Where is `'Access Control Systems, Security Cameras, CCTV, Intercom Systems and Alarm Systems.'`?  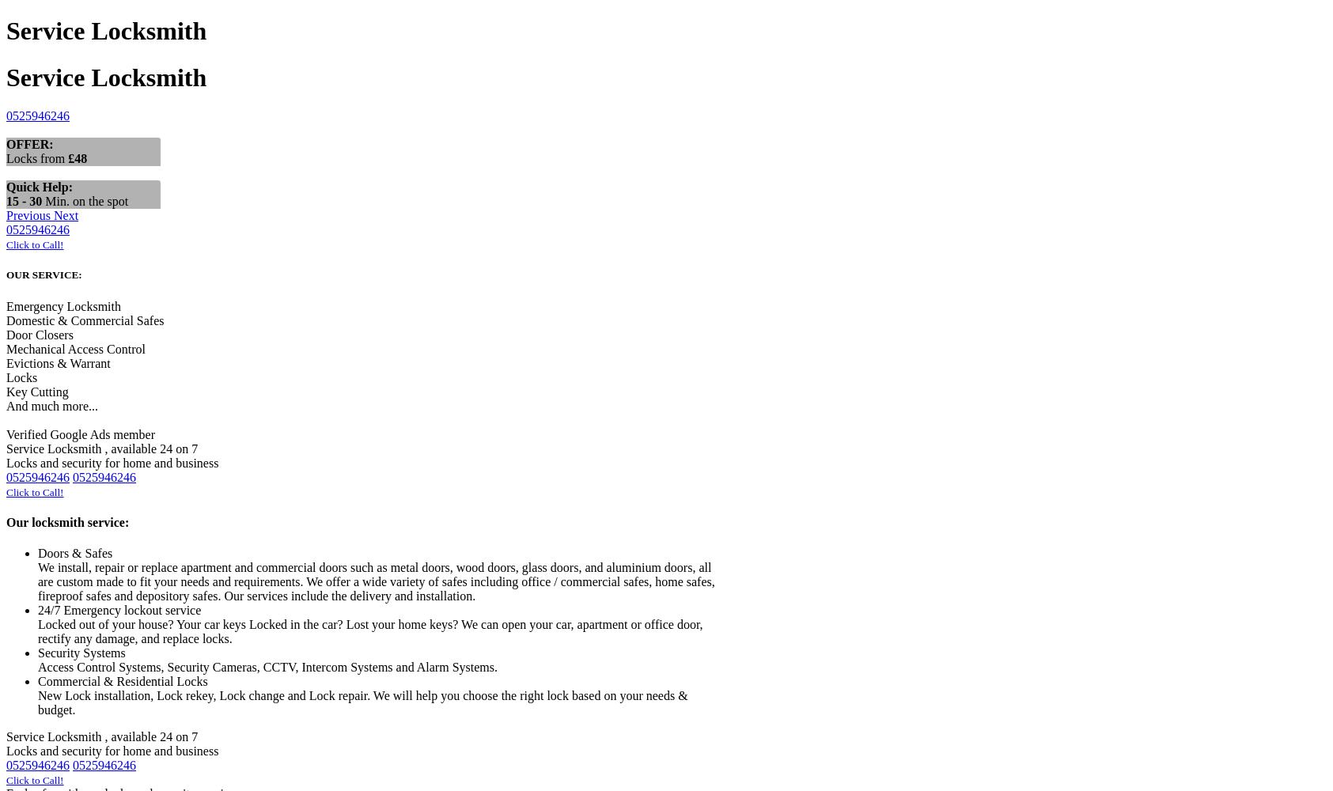
'Access Control Systems, Security Cameras, CCTV, Intercom Systems and Alarm Systems.' is located at coordinates (267, 666).